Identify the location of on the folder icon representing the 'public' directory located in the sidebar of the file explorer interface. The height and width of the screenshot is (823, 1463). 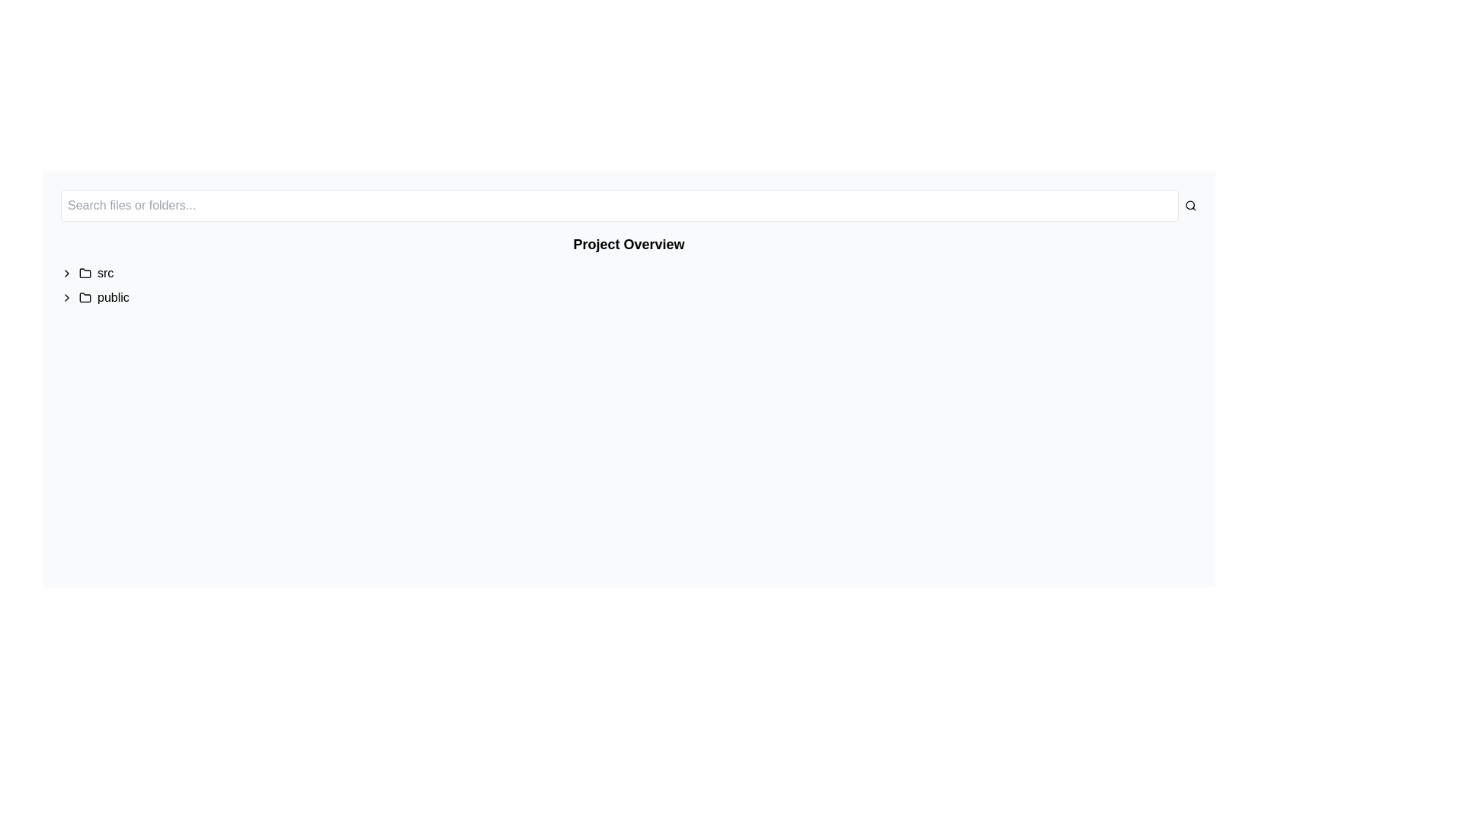
(84, 296).